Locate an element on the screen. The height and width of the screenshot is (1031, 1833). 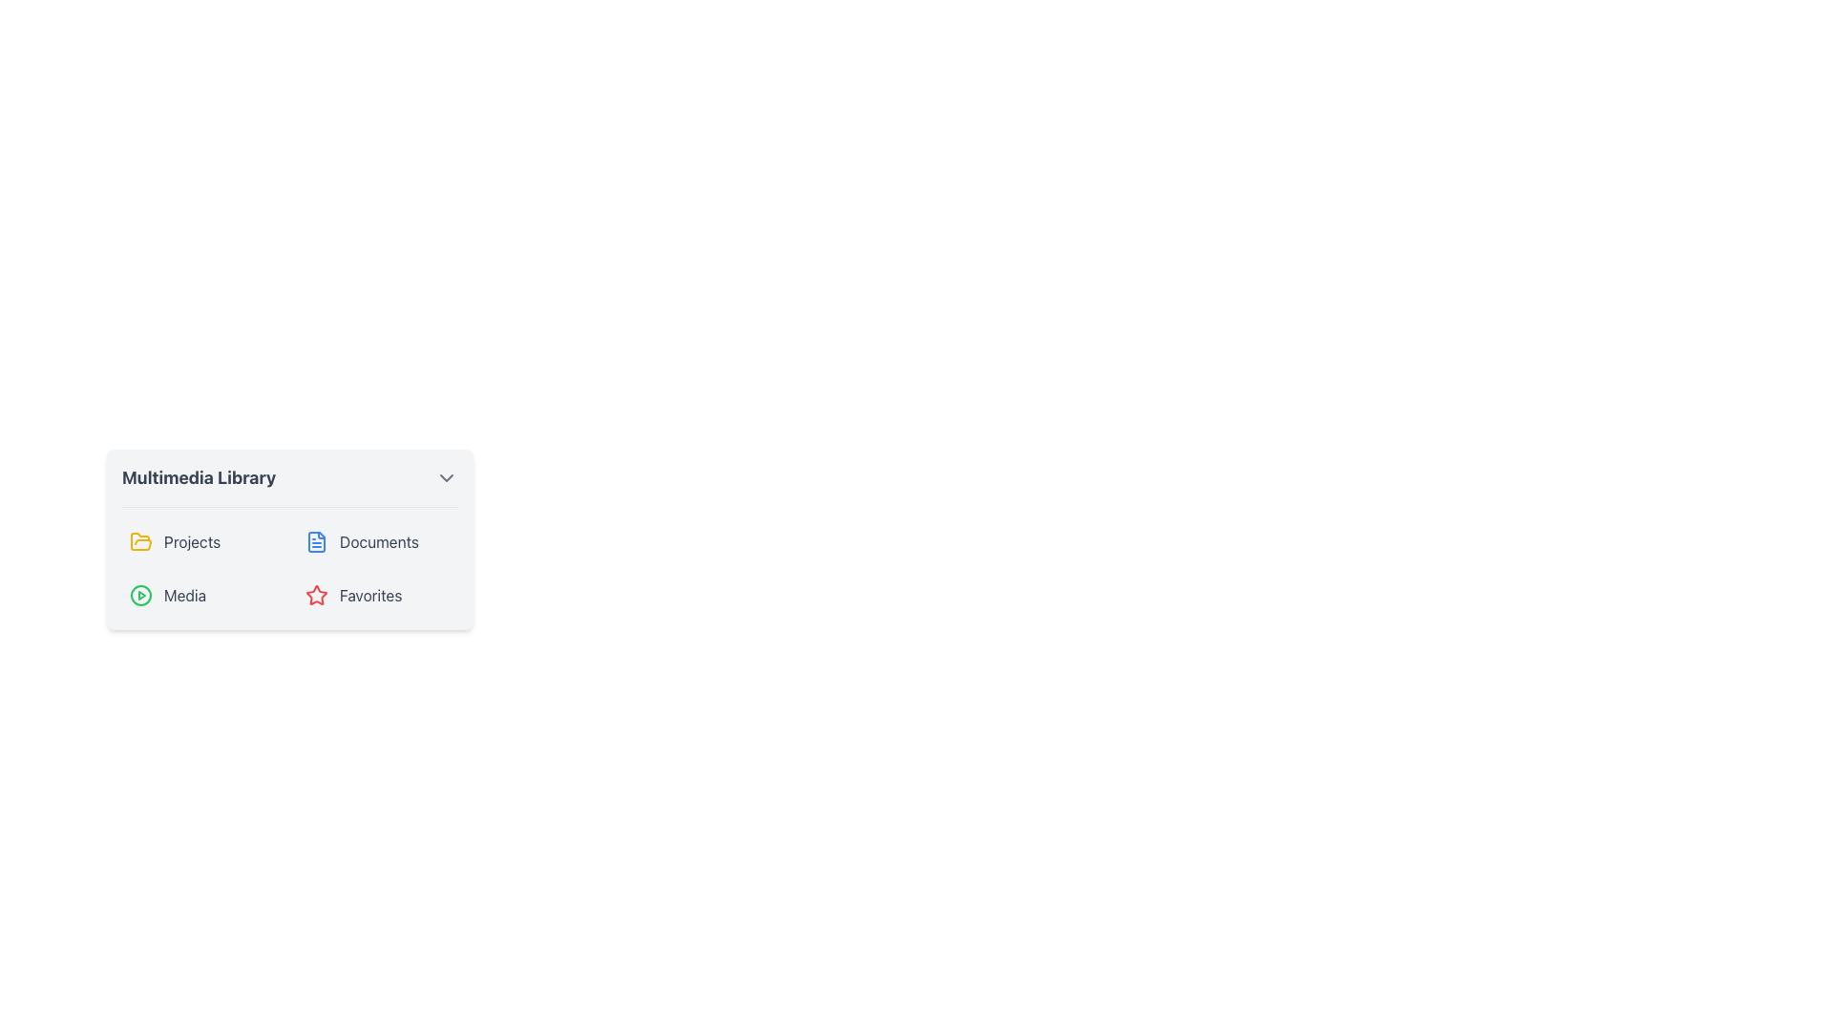
the text label located at the top-left corner of the header section, which indicates the name of a section or feature within the application is located at coordinates (199, 477).